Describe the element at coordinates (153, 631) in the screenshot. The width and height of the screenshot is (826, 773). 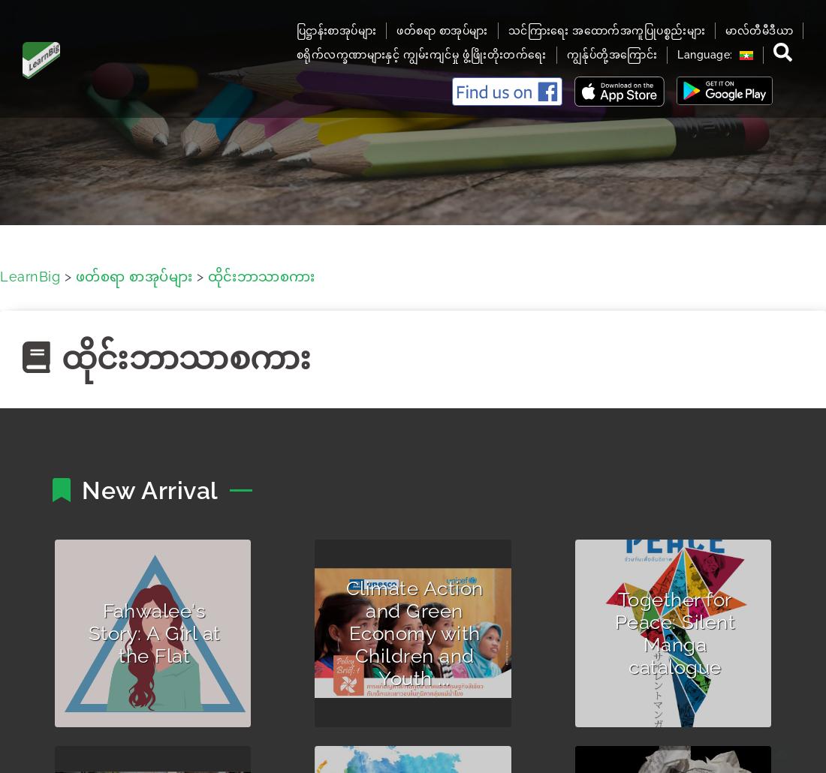
I see `'Fahwalee's Story: A Girl at the Flat'` at that location.